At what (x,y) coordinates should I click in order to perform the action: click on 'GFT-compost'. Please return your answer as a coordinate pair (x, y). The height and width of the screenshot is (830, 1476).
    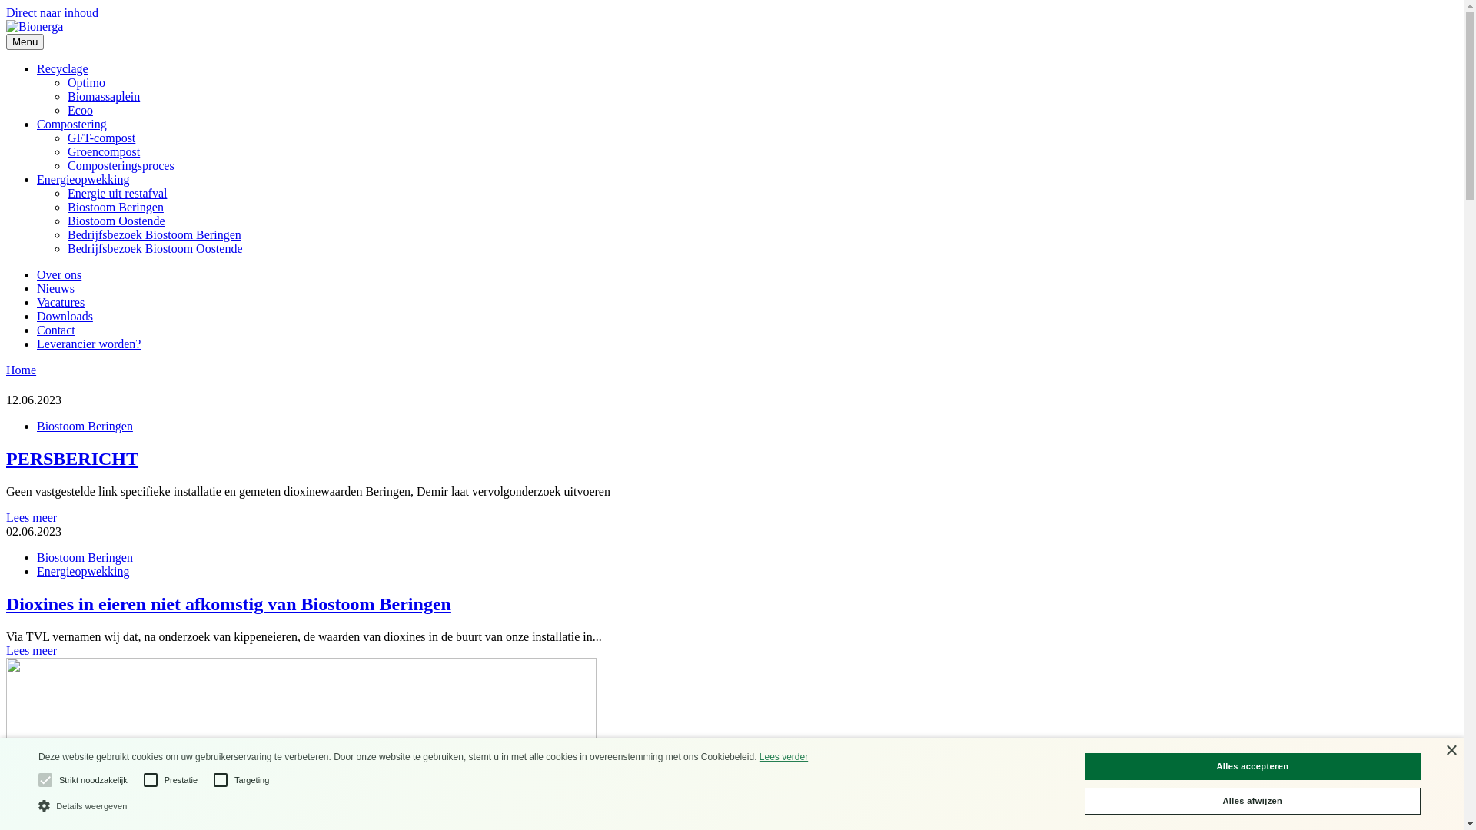
    Looking at the image, I should click on (100, 137).